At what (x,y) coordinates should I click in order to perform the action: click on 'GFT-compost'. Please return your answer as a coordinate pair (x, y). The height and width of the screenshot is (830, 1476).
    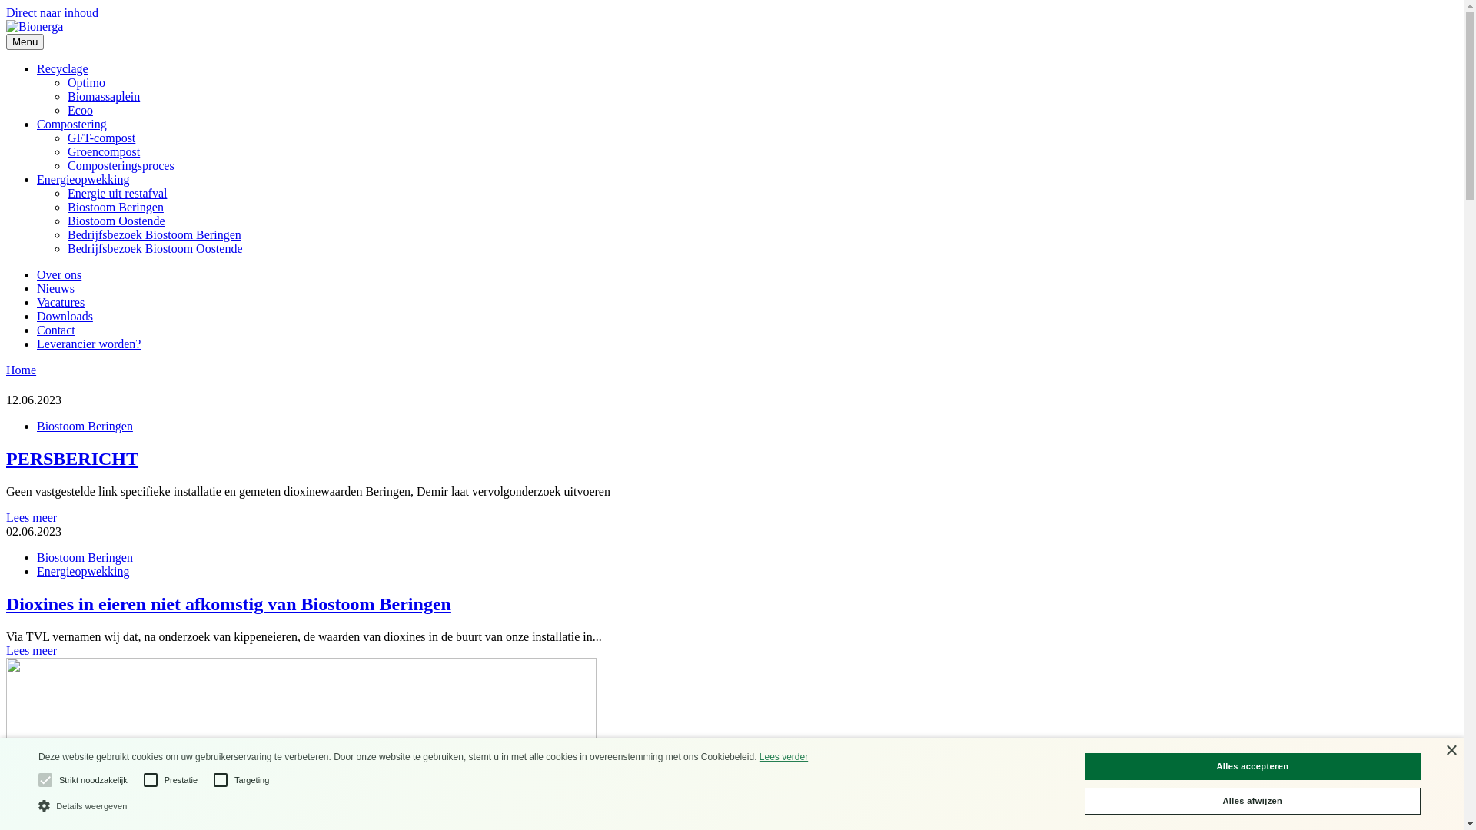
    Looking at the image, I should click on (100, 137).